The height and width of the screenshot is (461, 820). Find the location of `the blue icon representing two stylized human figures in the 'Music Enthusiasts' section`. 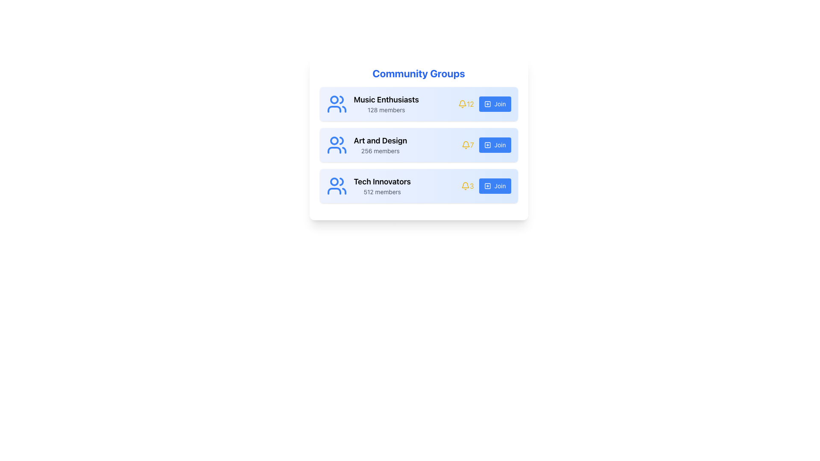

the blue icon representing two stylized human figures in the 'Music Enthusiasts' section is located at coordinates (336, 103).